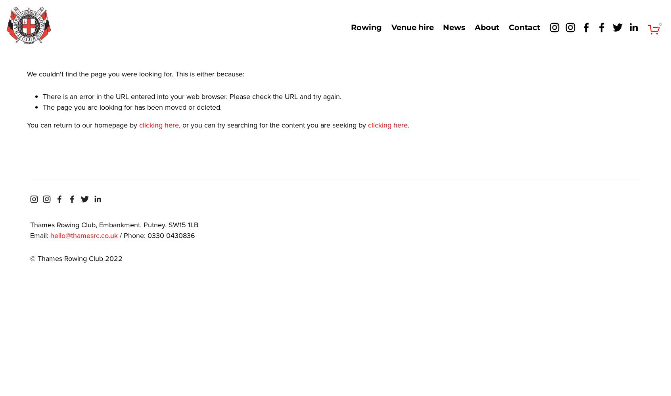  I want to click on 'Rowing', so click(366, 27).